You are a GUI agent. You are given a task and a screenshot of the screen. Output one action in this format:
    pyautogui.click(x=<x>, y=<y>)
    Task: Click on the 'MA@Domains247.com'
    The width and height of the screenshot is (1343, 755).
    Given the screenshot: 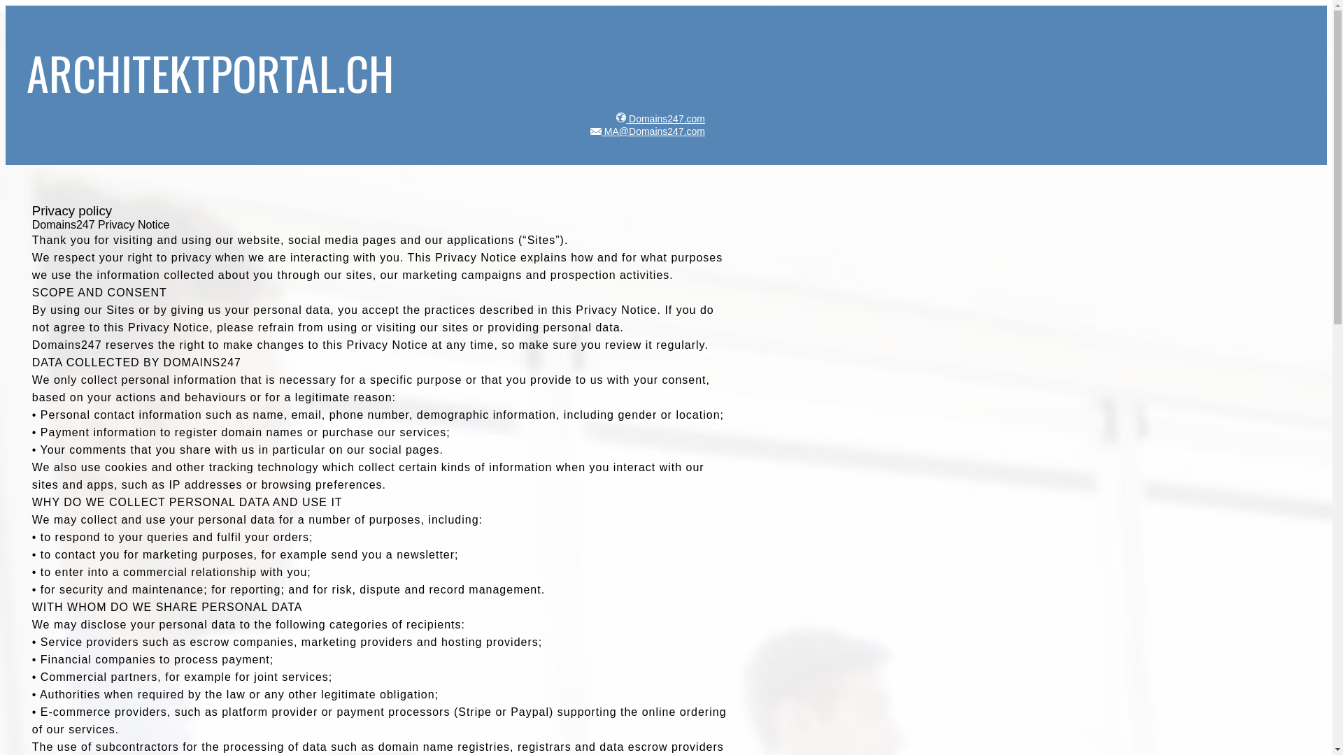 What is the action you would take?
    pyautogui.click(x=645, y=131)
    